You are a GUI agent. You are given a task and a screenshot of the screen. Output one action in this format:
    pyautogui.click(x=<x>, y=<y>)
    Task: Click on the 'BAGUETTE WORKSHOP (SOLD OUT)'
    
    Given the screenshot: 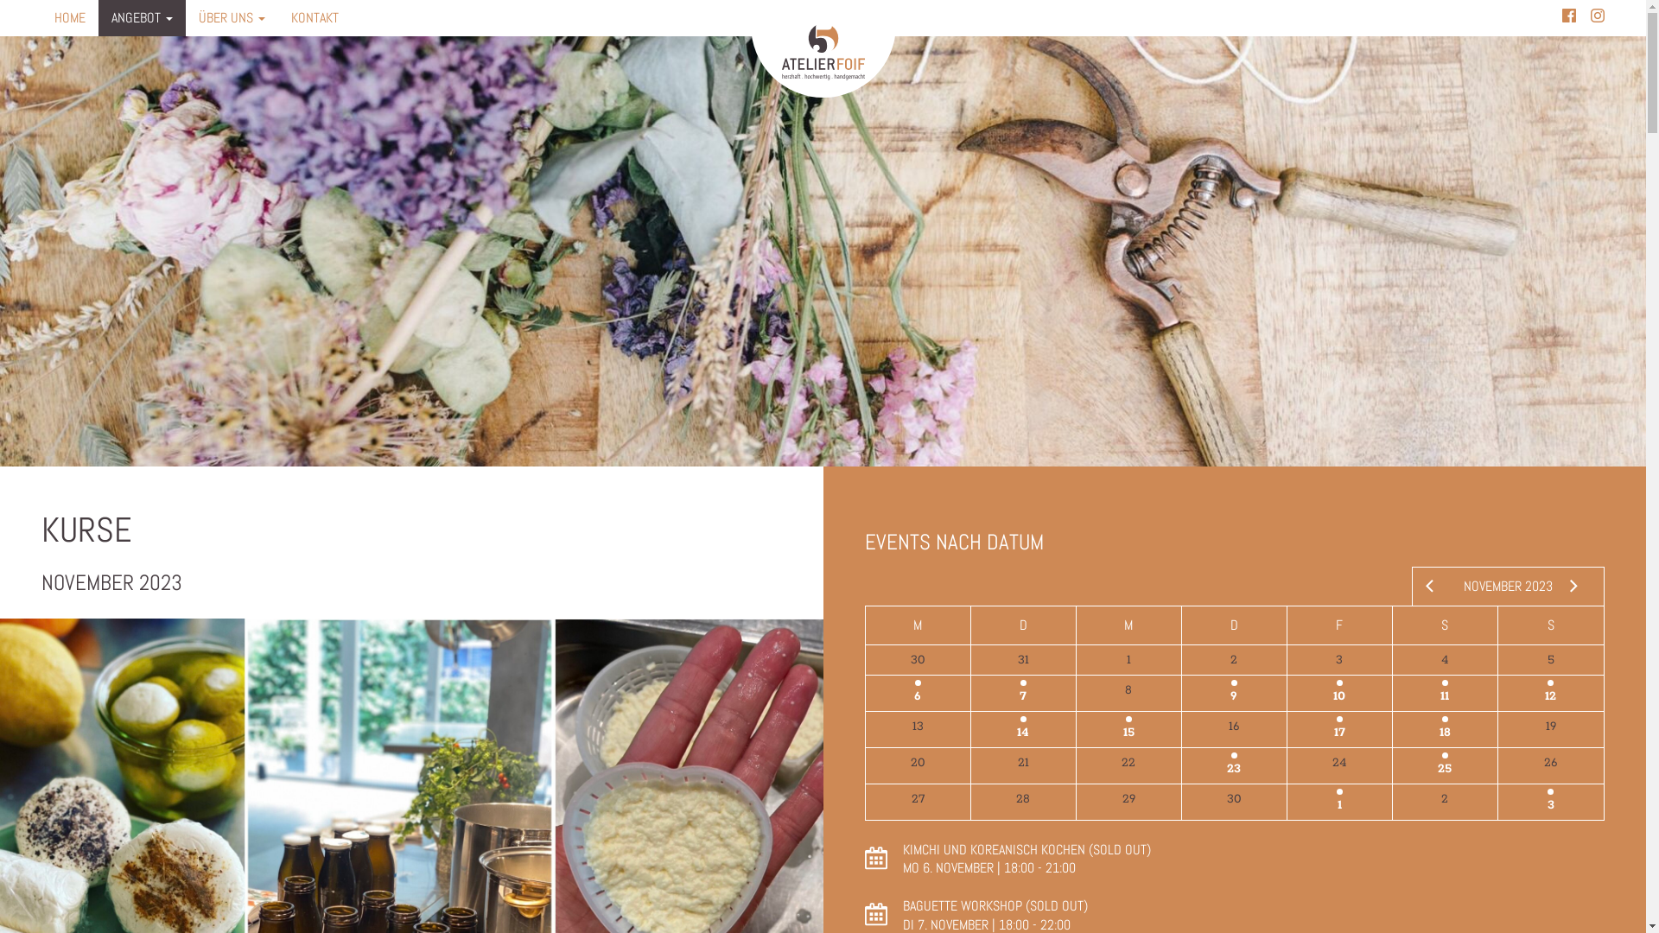 What is the action you would take?
    pyautogui.click(x=900, y=904)
    